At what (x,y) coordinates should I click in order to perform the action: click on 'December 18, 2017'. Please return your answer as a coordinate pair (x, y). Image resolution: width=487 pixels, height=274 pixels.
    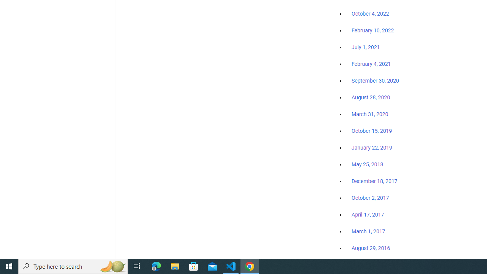
    Looking at the image, I should click on (374, 181).